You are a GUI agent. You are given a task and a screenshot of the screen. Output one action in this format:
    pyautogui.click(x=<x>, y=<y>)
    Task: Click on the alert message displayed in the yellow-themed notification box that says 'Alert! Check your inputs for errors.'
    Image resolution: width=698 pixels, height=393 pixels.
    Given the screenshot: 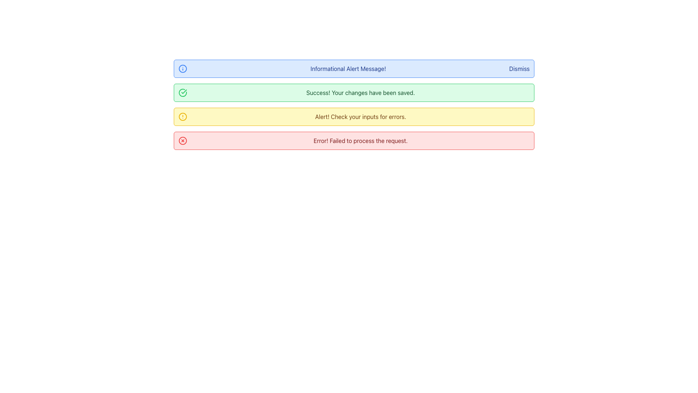 What is the action you would take?
    pyautogui.click(x=361, y=116)
    